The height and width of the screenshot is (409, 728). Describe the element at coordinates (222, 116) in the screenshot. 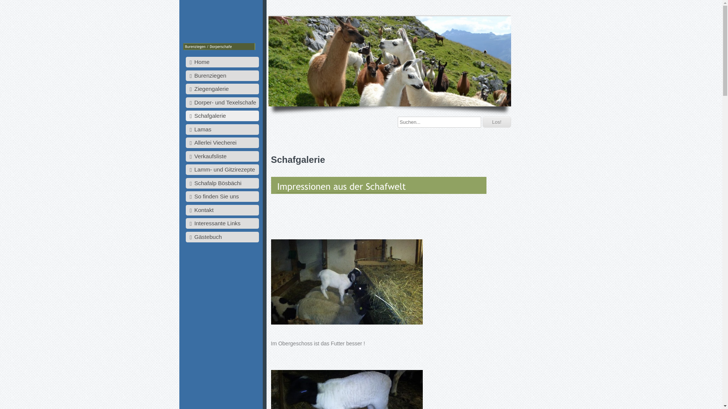

I see `'Schafgalerie'` at that location.